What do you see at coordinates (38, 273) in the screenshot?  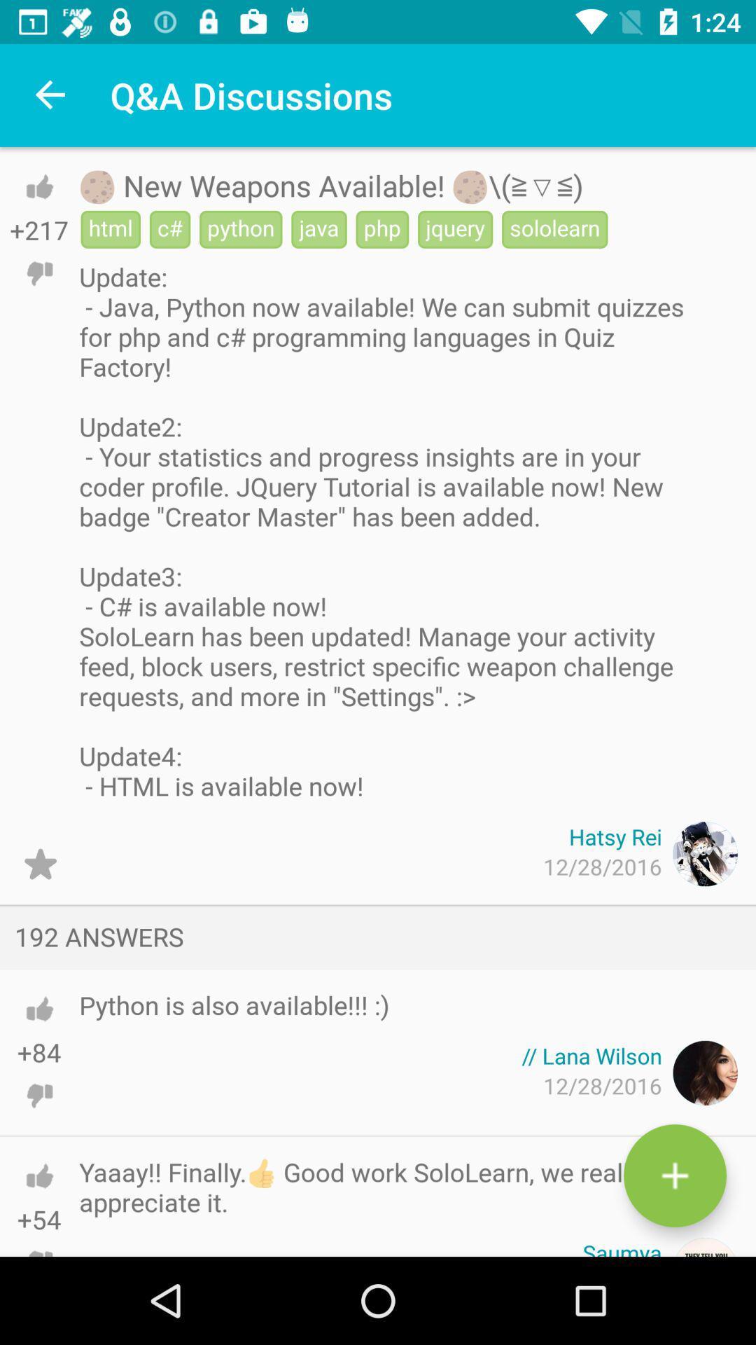 I see `dislike discussion post` at bounding box center [38, 273].